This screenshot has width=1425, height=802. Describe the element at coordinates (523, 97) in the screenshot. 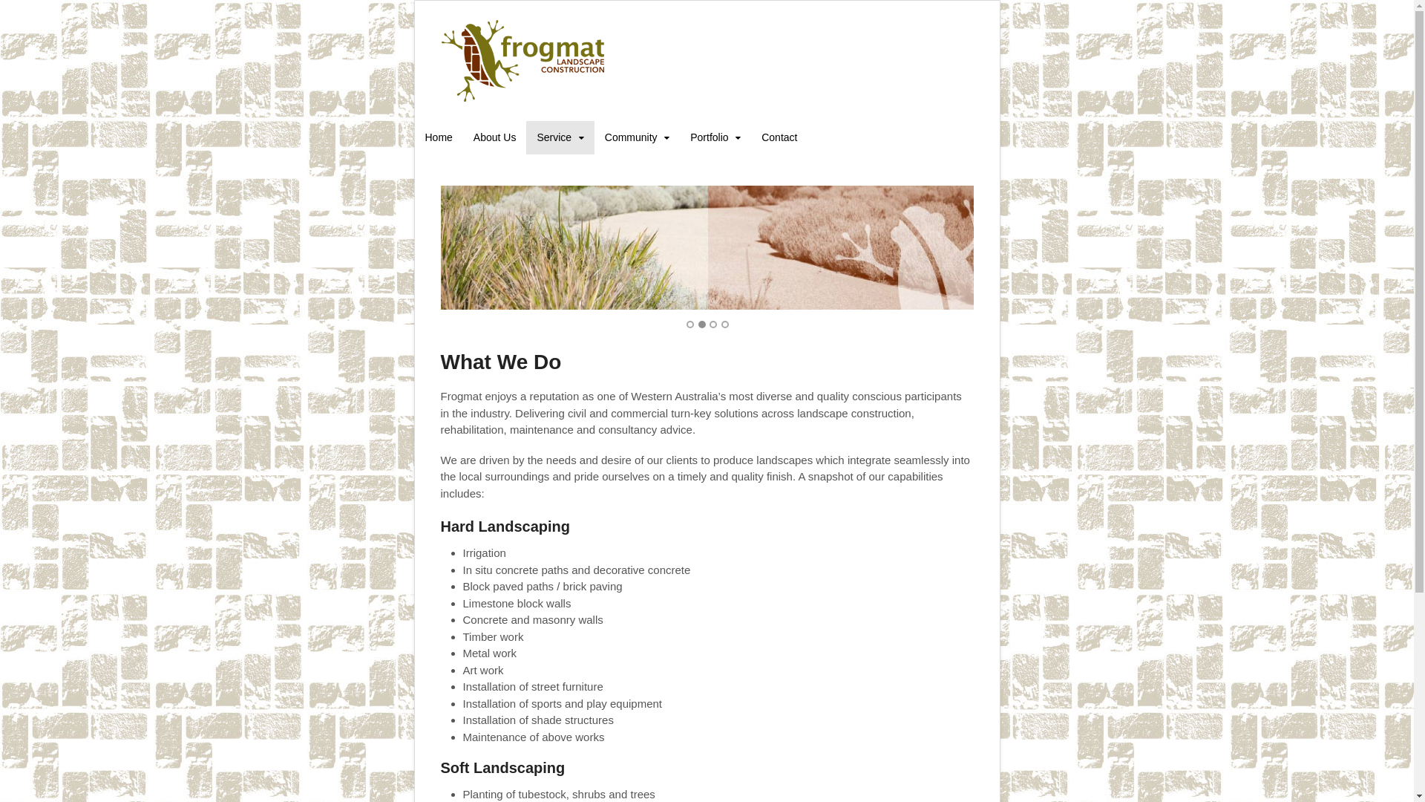

I see `'Civil and Commercial Landscape Construction and Maintenance'` at that location.